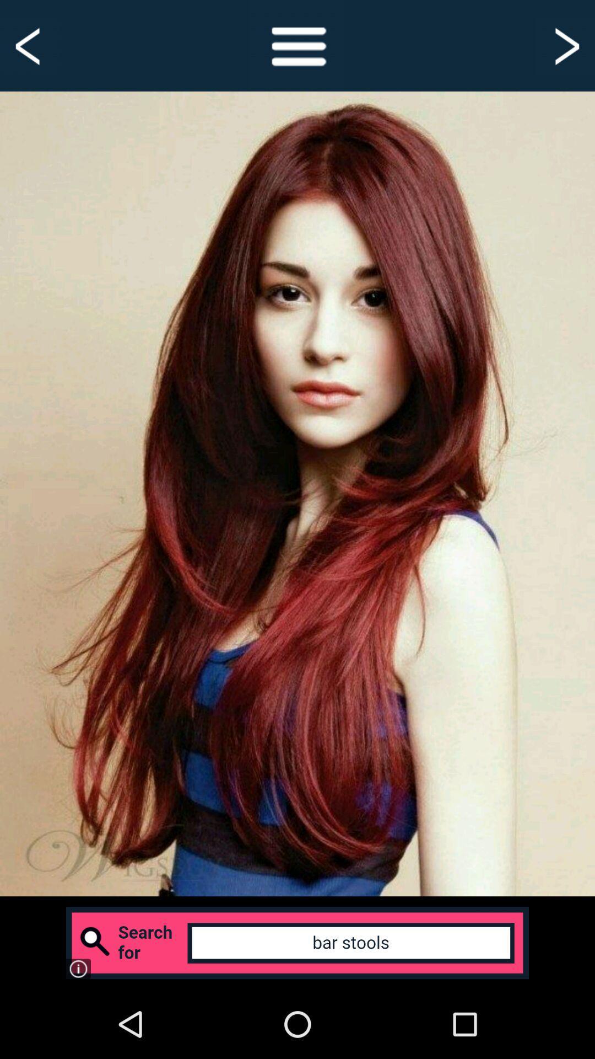  What do you see at coordinates (29, 45) in the screenshot?
I see `the button is used to go back` at bounding box center [29, 45].